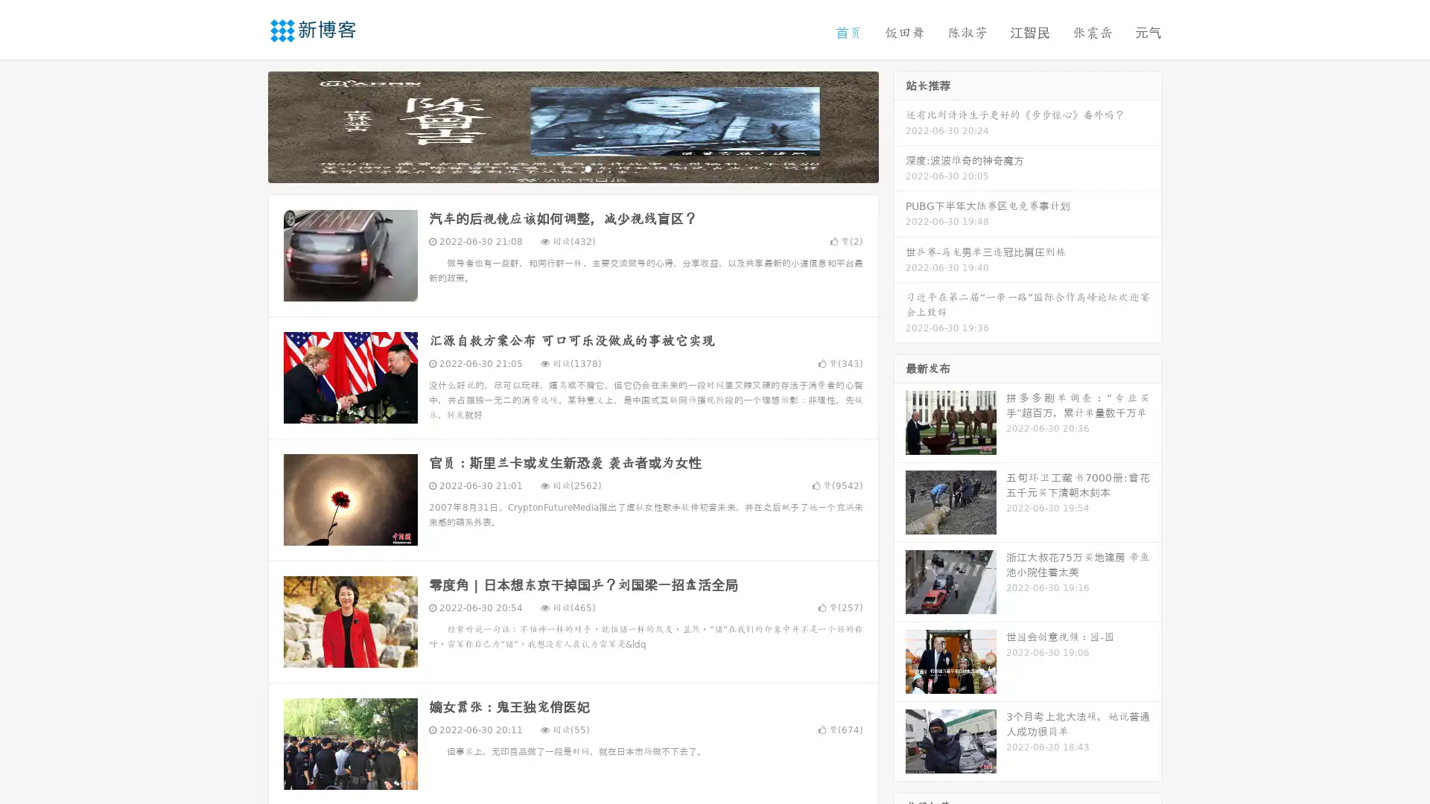 The height and width of the screenshot is (804, 1430). I want to click on Go to slide 3, so click(588, 167).